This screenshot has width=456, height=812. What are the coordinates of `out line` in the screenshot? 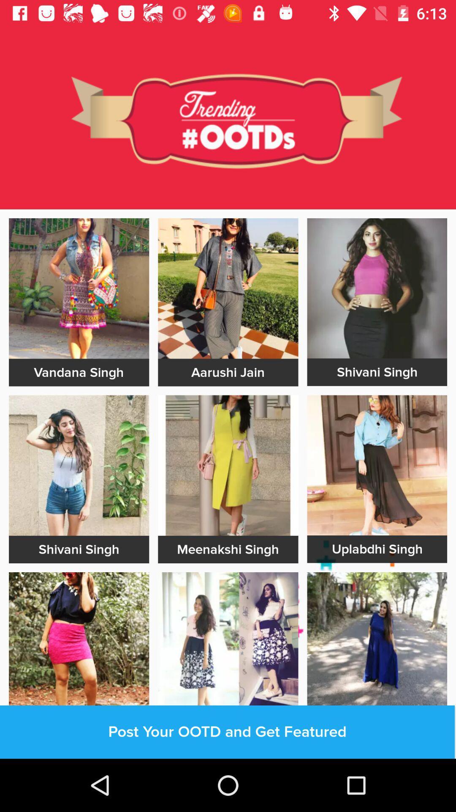 It's located at (79, 754).